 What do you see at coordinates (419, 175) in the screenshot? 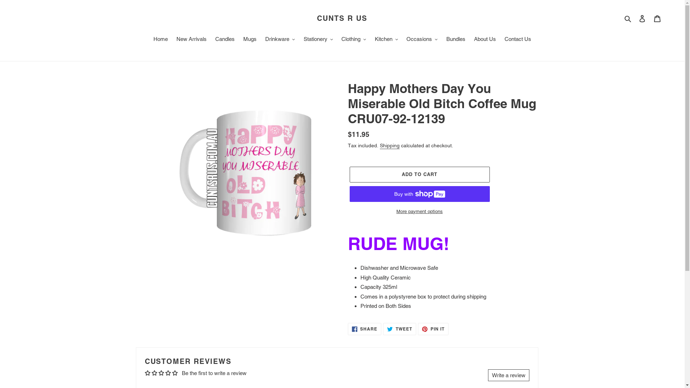
I see `'ADD TO CART'` at bounding box center [419, 175].